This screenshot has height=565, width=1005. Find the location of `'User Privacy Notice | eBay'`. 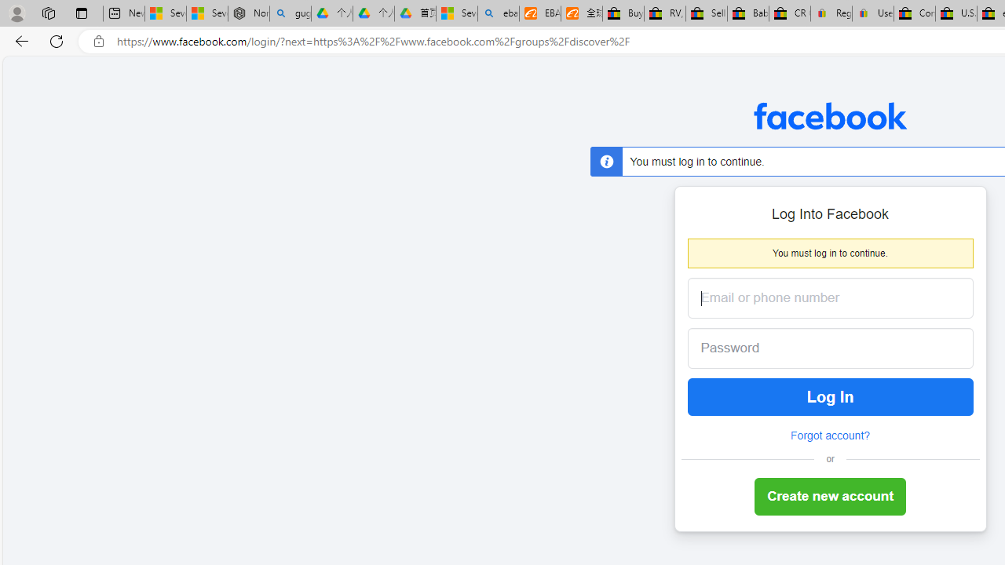

'User Privacy Notice | eBay' is located at coordinates (872, 13).